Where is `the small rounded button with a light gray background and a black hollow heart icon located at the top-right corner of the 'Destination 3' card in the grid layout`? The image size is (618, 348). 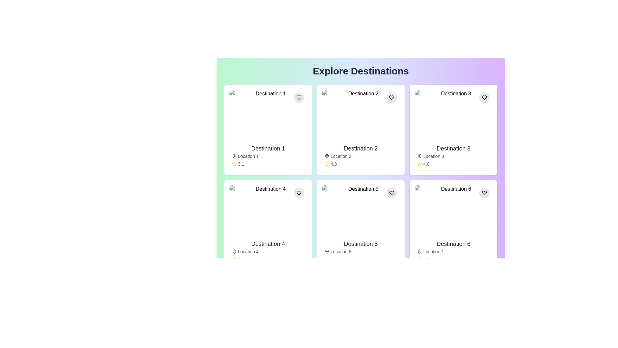
the small rounded button with a light gray background and a black hollow heart icon located at the top-right corner of the 'Destination 3' card in the grid layout is located at coordinates (484, 98).